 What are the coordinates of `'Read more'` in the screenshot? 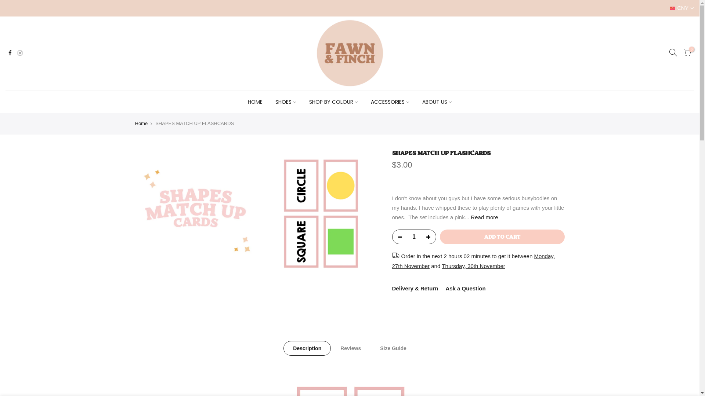 It's located at (483, 217).